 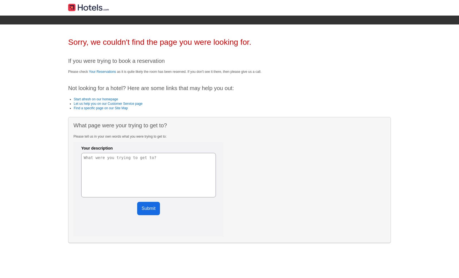 I want to click on 'What page were your trying to get to?', so click(x=73, y=125).